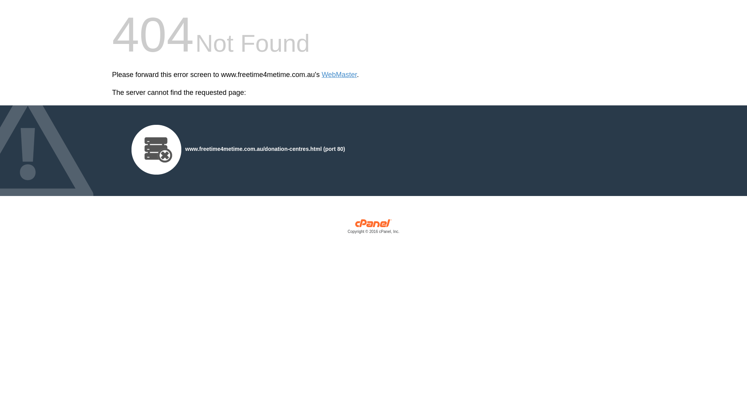  I want to click on 'WebMaster', so click(321, 75).